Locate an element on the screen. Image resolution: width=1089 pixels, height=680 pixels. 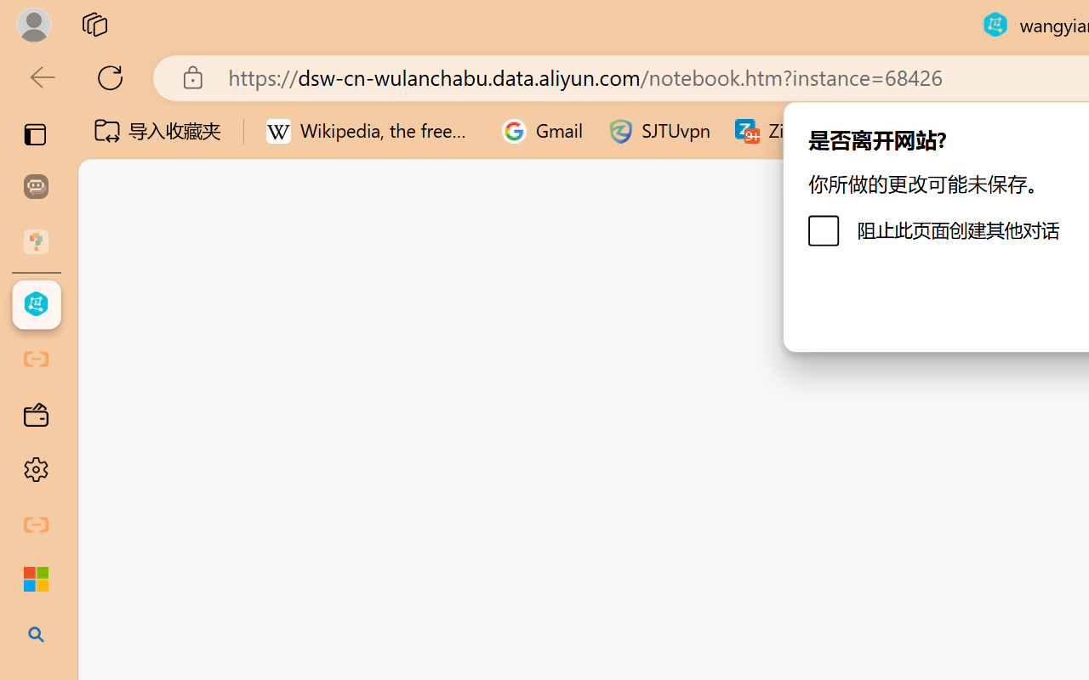
'Explorer Section: workspace' is located at coordinates (282, 348).